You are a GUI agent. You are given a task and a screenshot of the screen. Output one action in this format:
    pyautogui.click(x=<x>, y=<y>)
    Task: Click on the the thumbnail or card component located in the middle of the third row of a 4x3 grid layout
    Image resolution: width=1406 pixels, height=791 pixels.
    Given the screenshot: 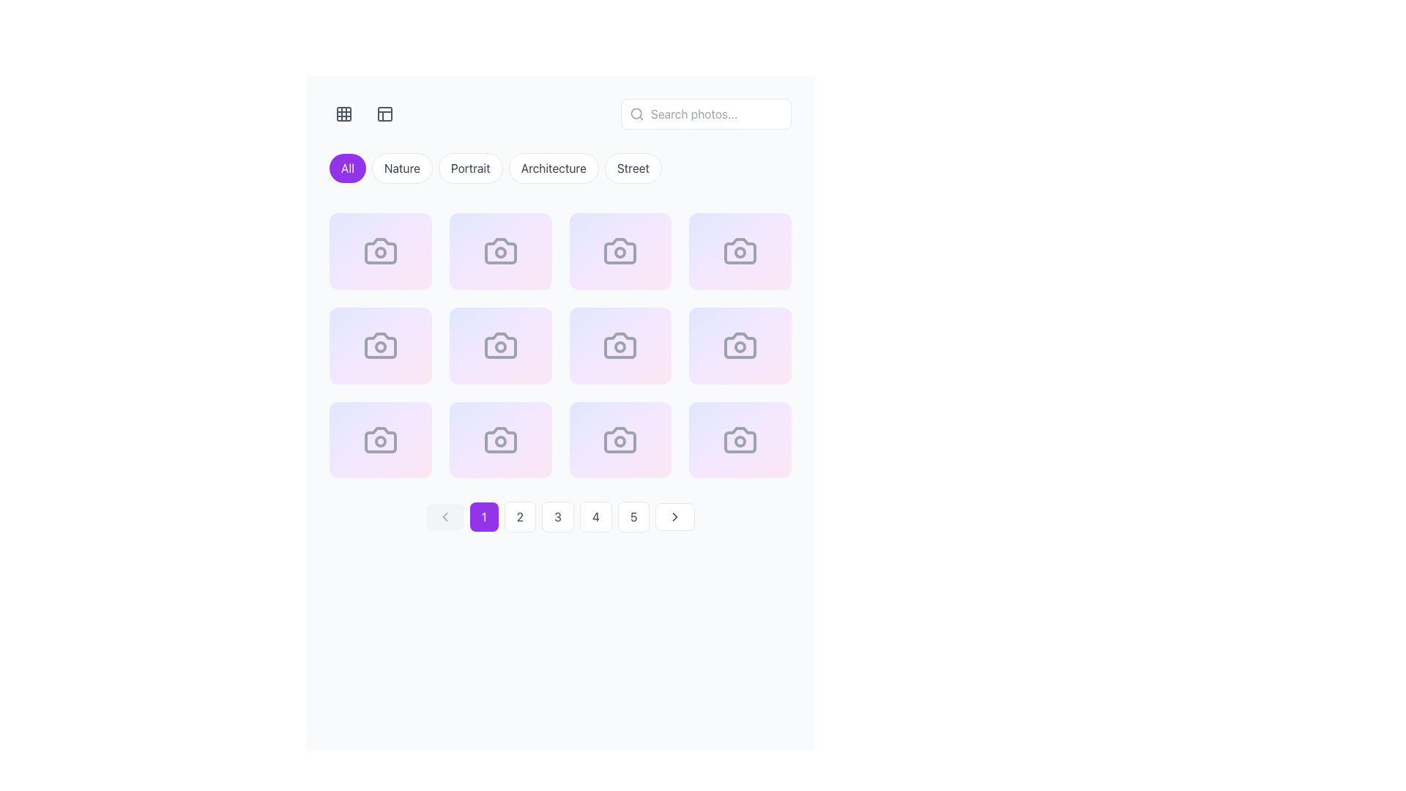 What is the action you would take?
    pyautogui.click(x=620, y=346)
    